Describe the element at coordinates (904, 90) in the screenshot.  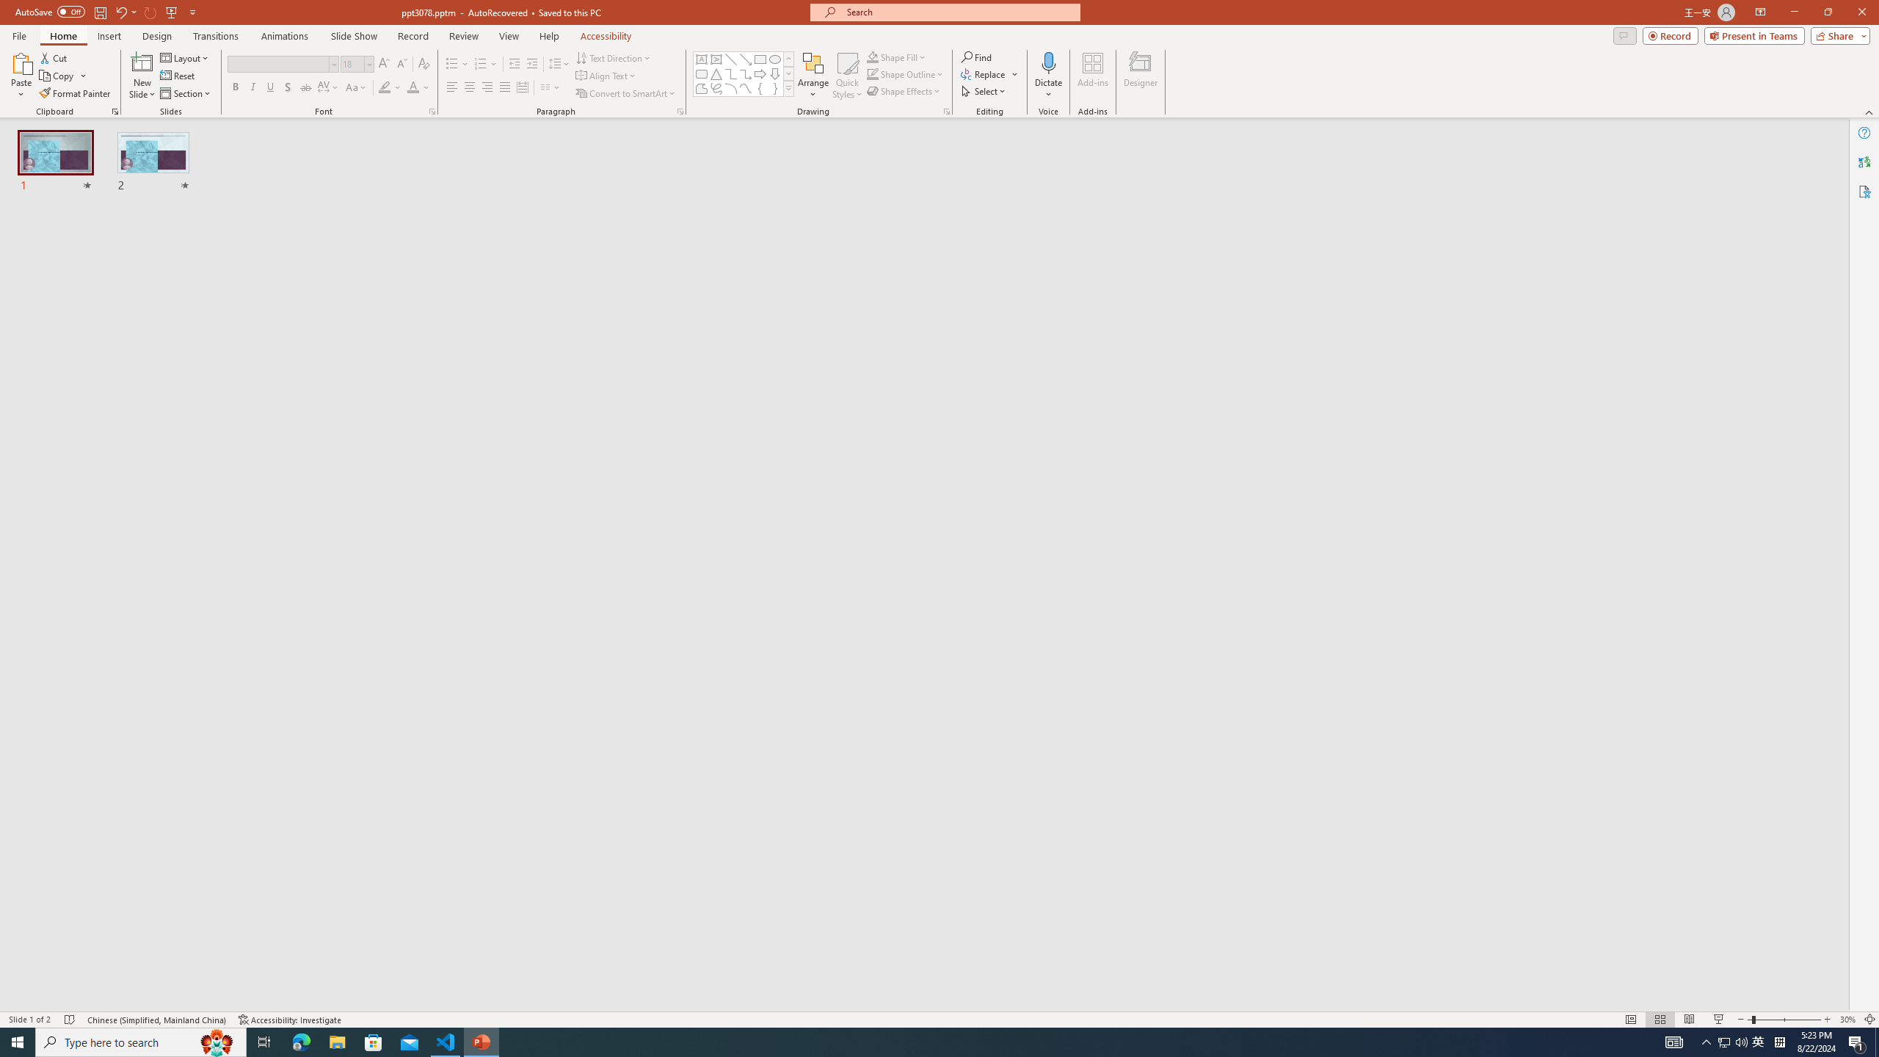
I see `'Shape Effects'` at that location.